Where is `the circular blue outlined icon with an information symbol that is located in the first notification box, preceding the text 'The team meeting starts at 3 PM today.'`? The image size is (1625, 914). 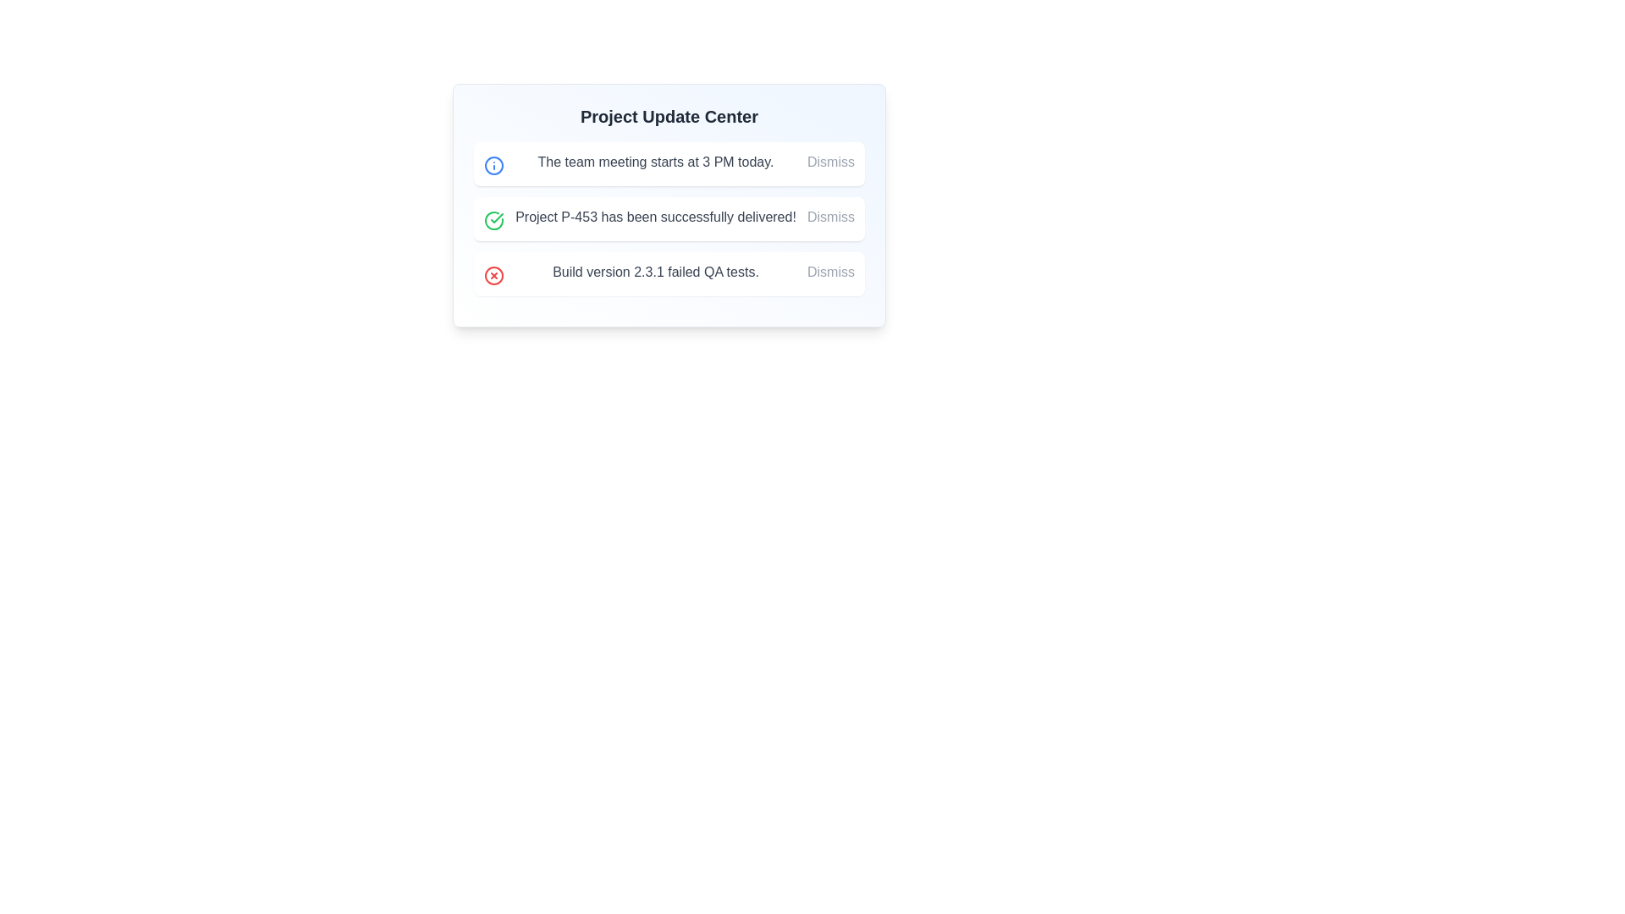 the circular blue outlined icon with an information symbol that is located in the first notification box, preceding the text 'The team meeting starts at 3 PM today.' is located at coordinates (493, 166).